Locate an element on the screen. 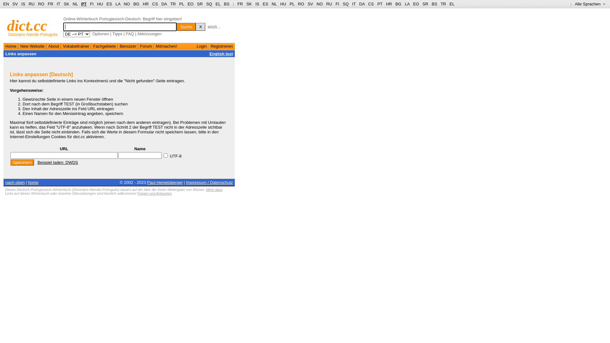  'LA' is located at coordinates (118, 4).